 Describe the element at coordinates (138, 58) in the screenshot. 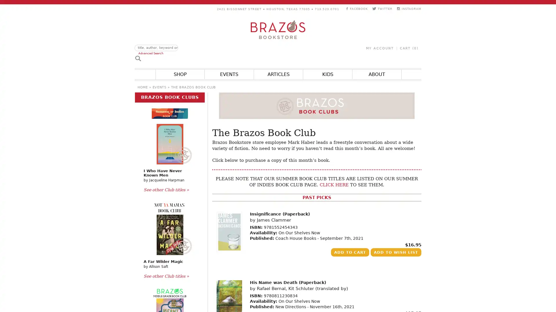

I see `Search` at that location.